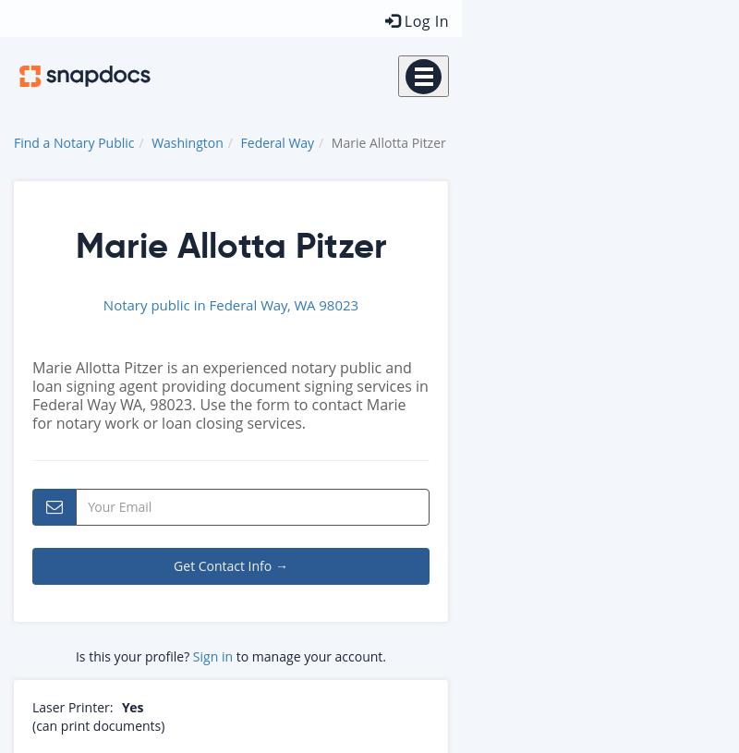 This screenshot has height=753, width=739. What do you see at coordinates (483, 182) in the screenshot?
I see `'Customer Stories'` at bounding box center [483, 182].